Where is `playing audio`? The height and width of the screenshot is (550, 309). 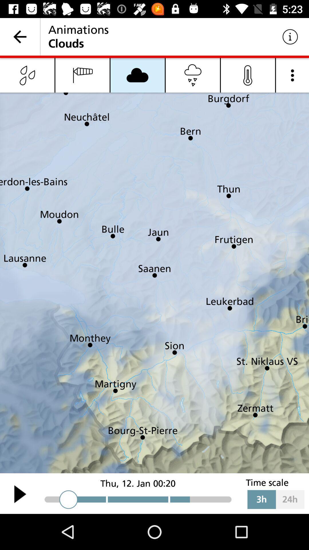 playing audio is located at coordinates (20, 494).